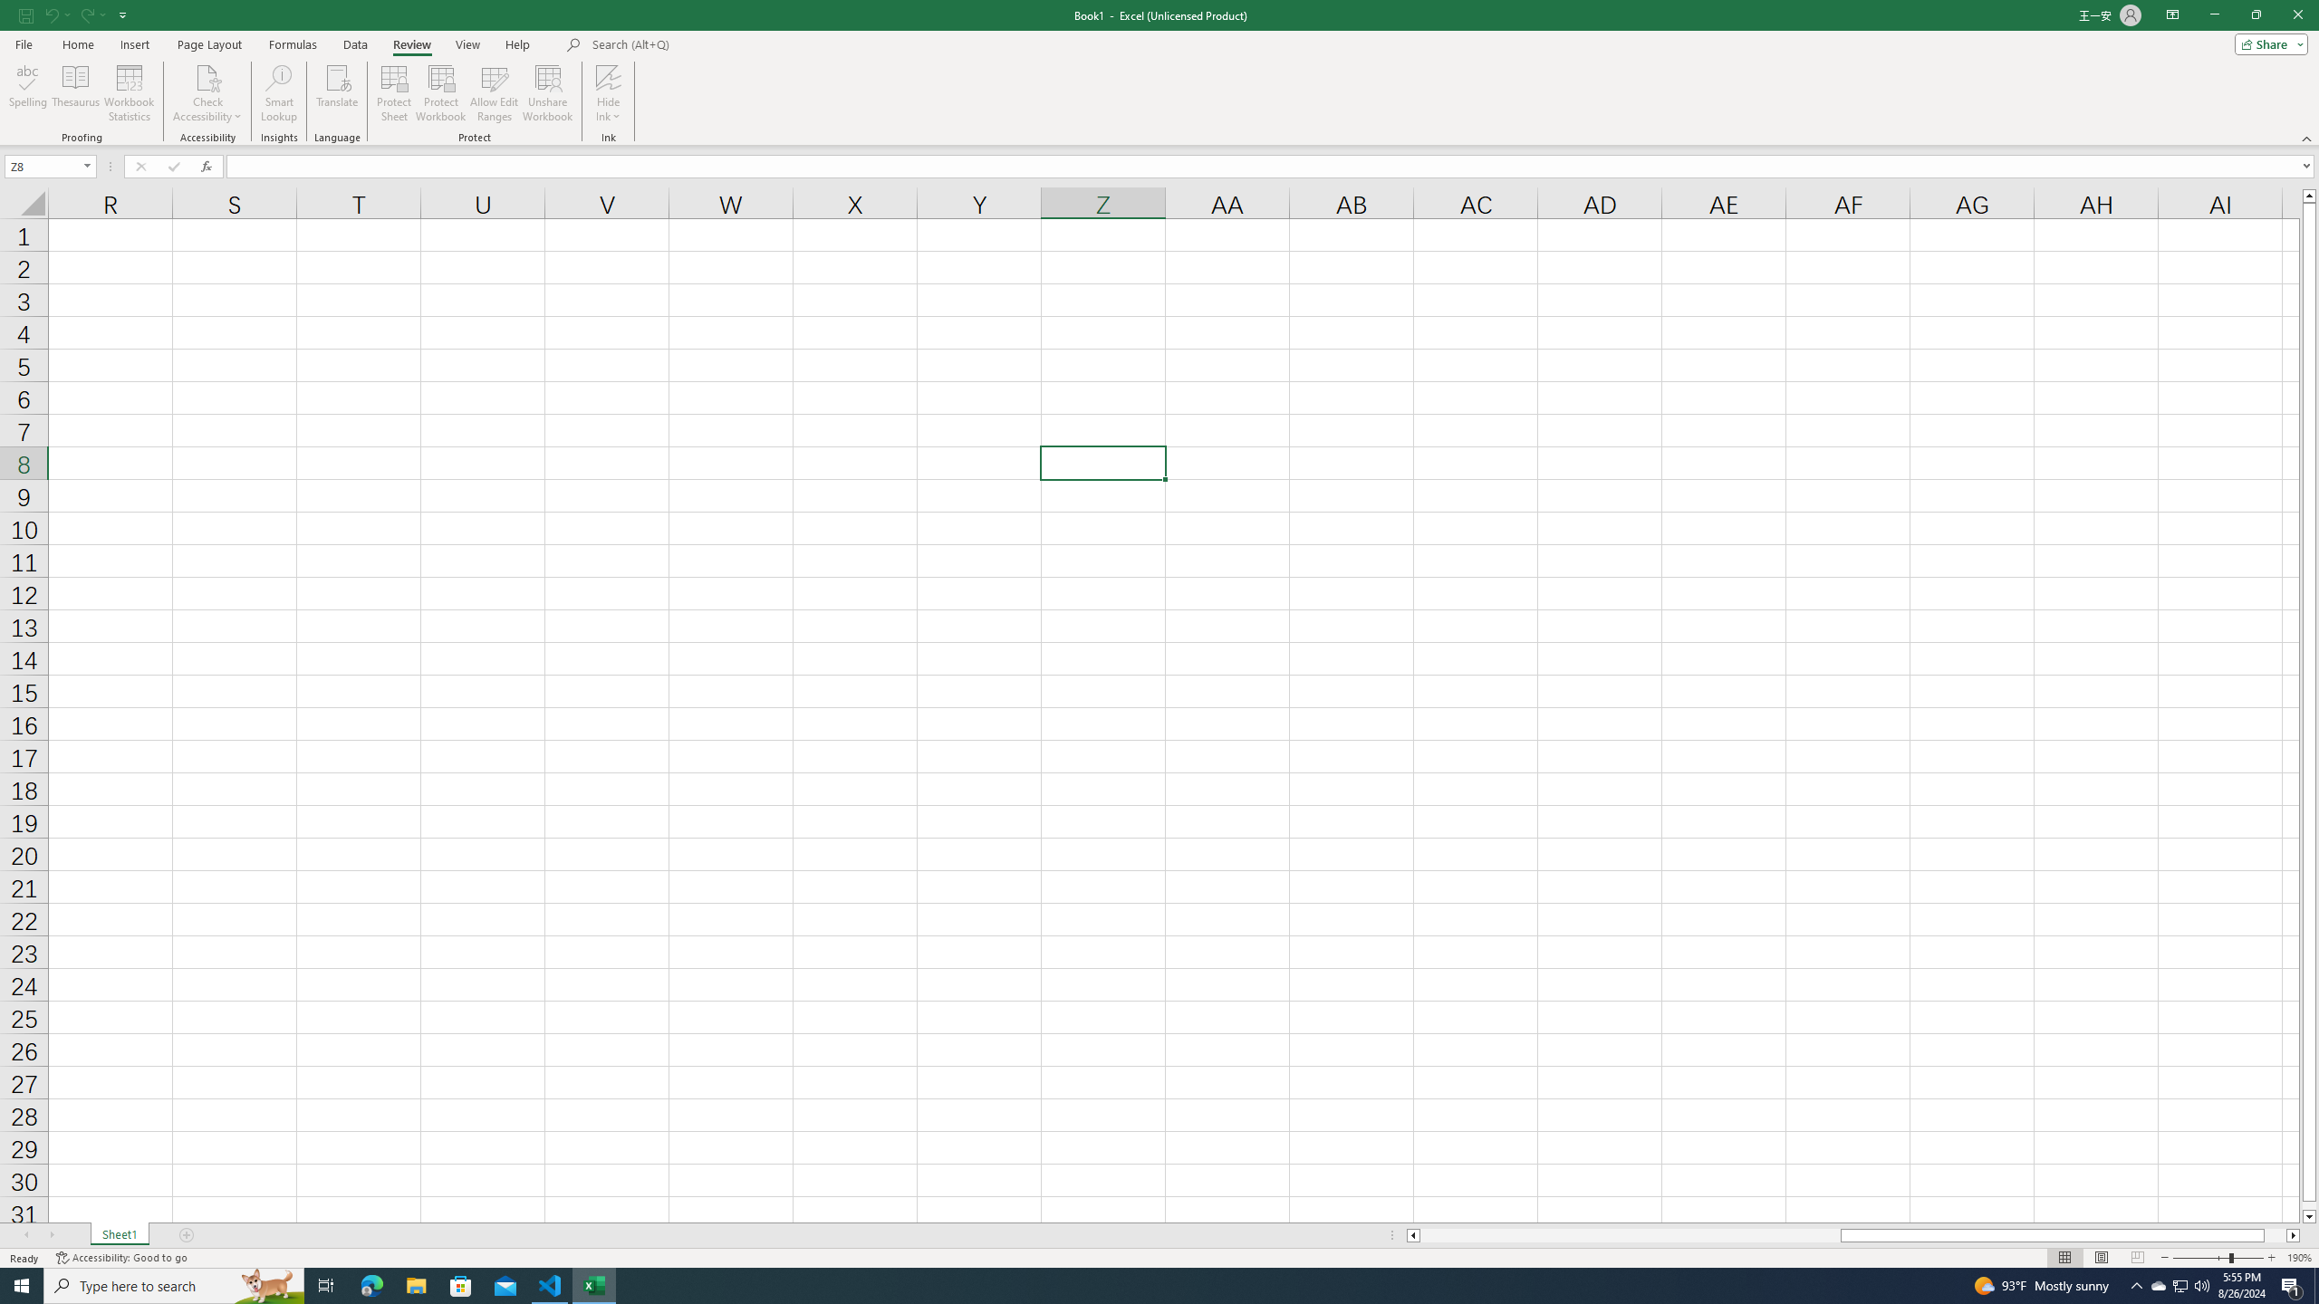 This screenshot has height=1304, width=2319. Describe the element at coordinates (609, 93) in the screenshot. I see `'Hide Ink'` at that location.